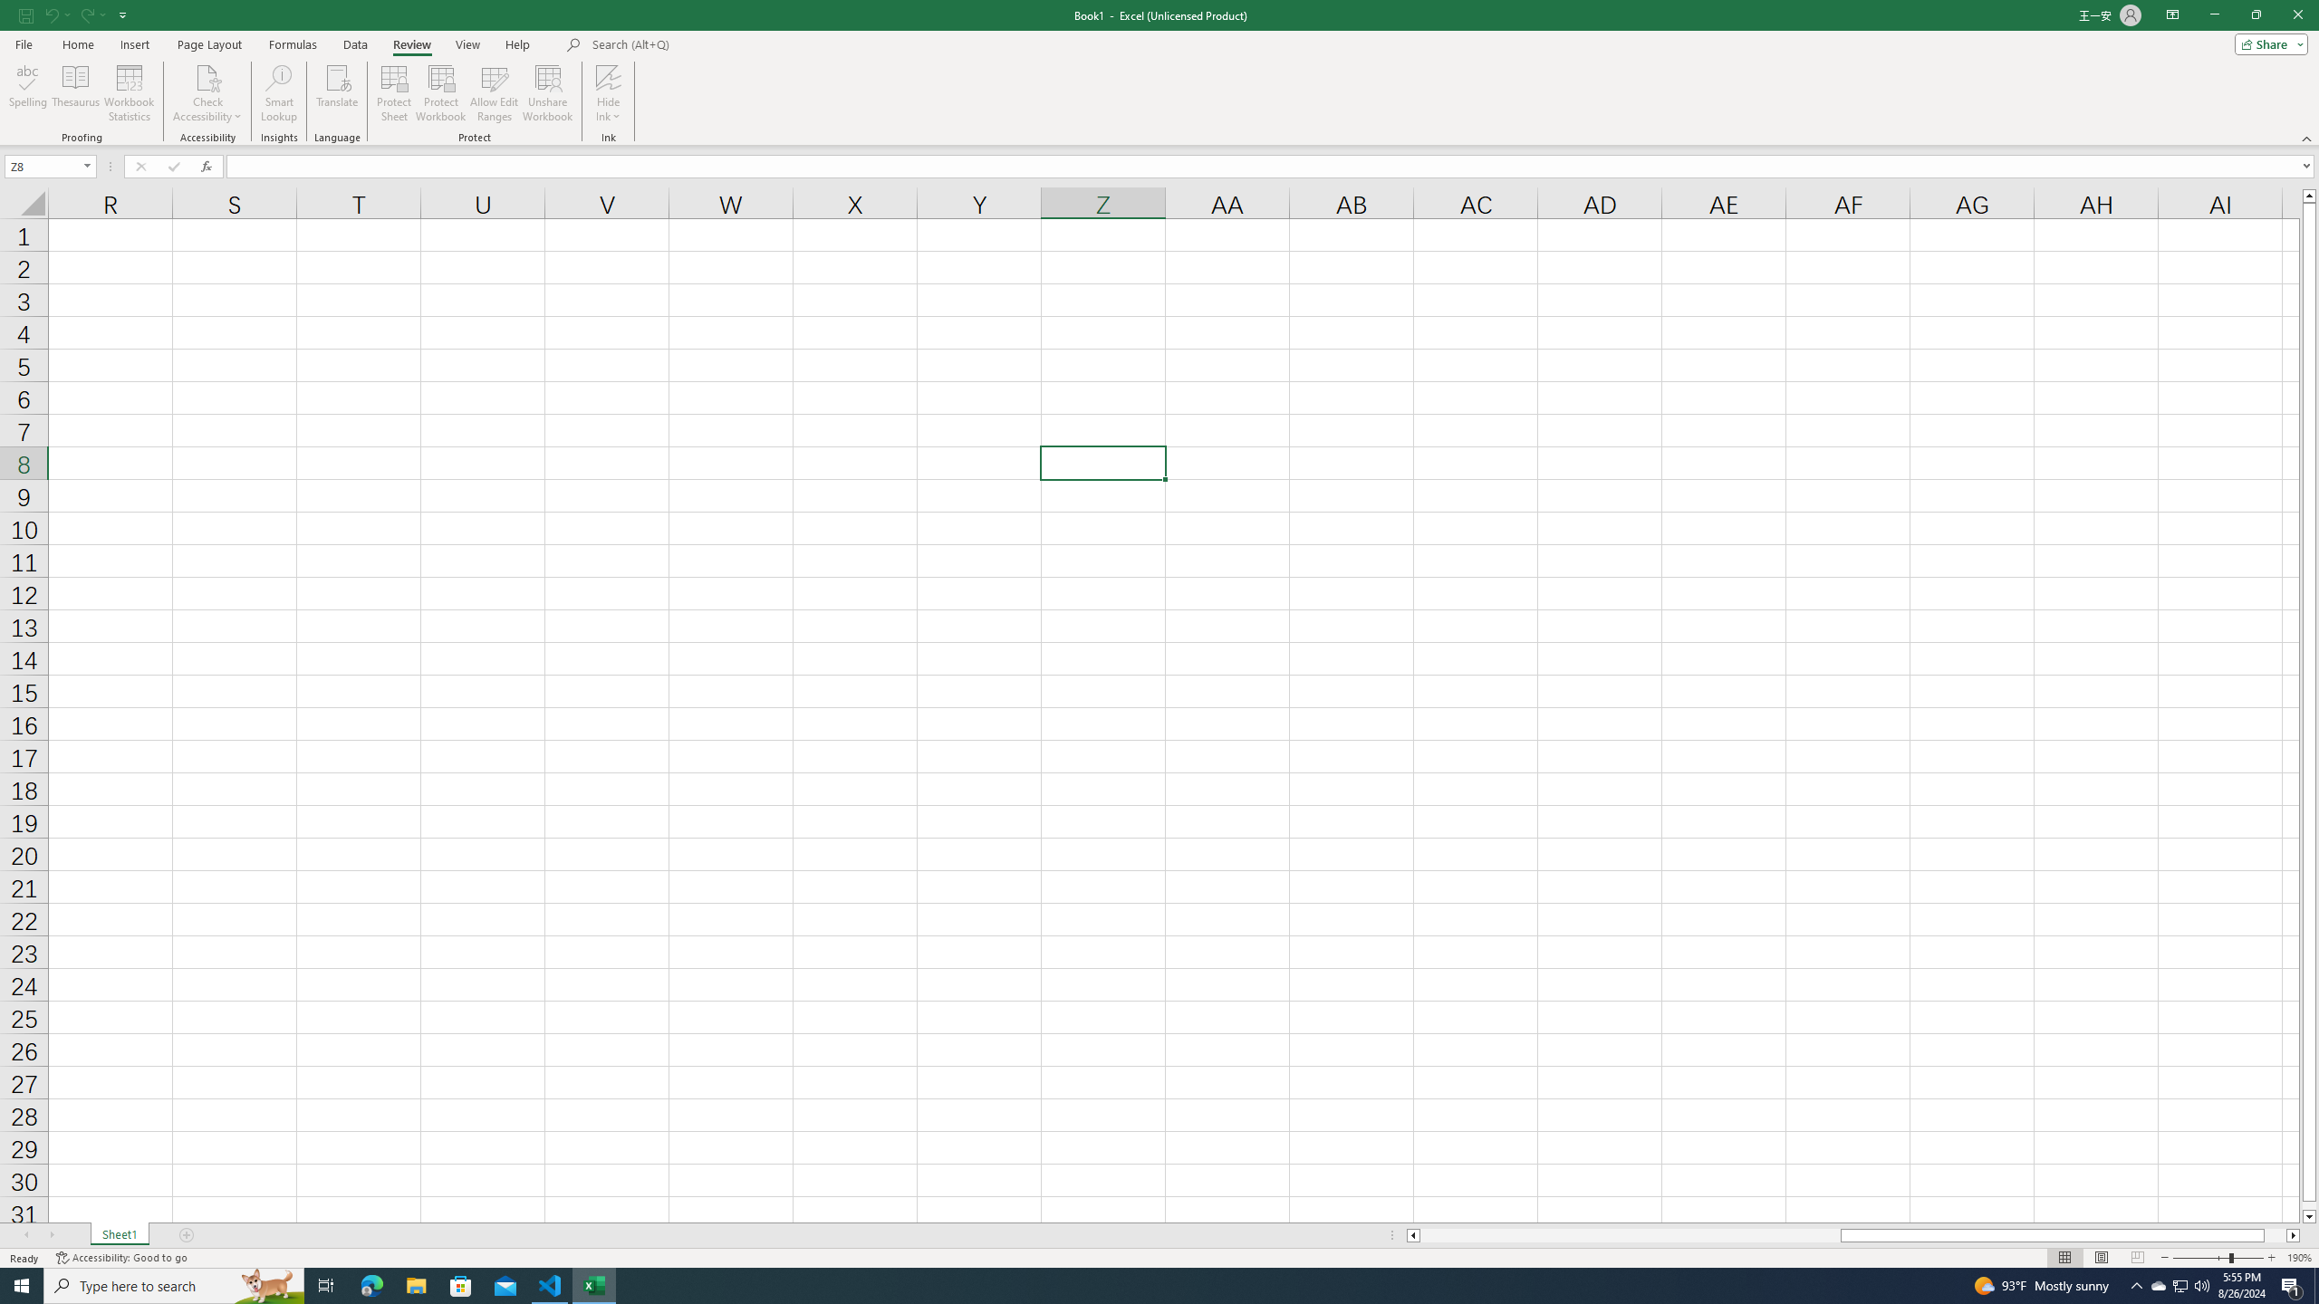 This screenshot has height=1304, width=2319. Describe the element at coordinates (609, 93) in the screenshot. I see `'Hide Ink'` at that location.